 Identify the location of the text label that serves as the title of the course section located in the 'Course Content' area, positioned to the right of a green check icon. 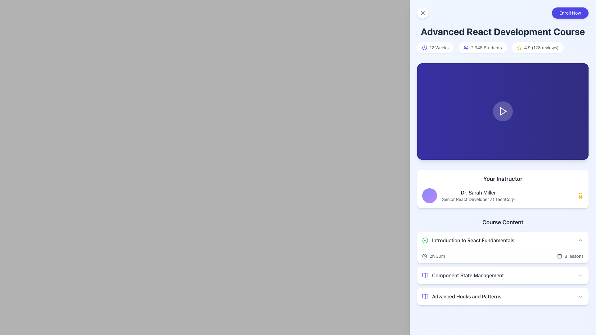
(473, 240).